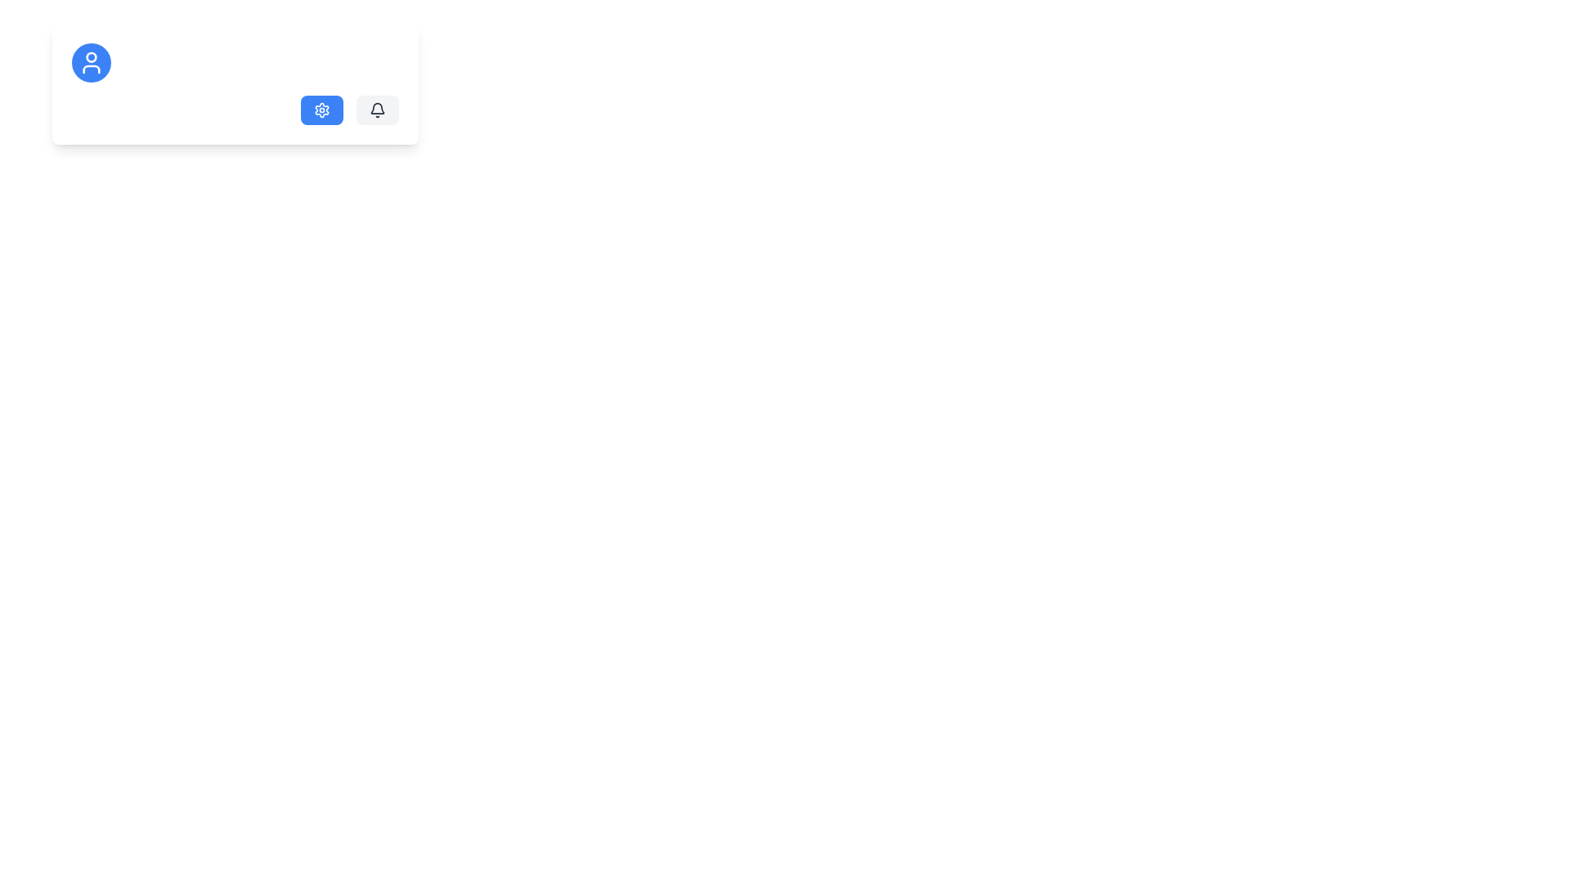 The image size is (1570, 883). What do you see at coordinates (90, 56) in the screenshot?
I see `the circular graphical element representing the head in the user profile icon, which is part of a blue background and white silhouette design located in the top-left corner of the interface` at bounding box center [90, 56].